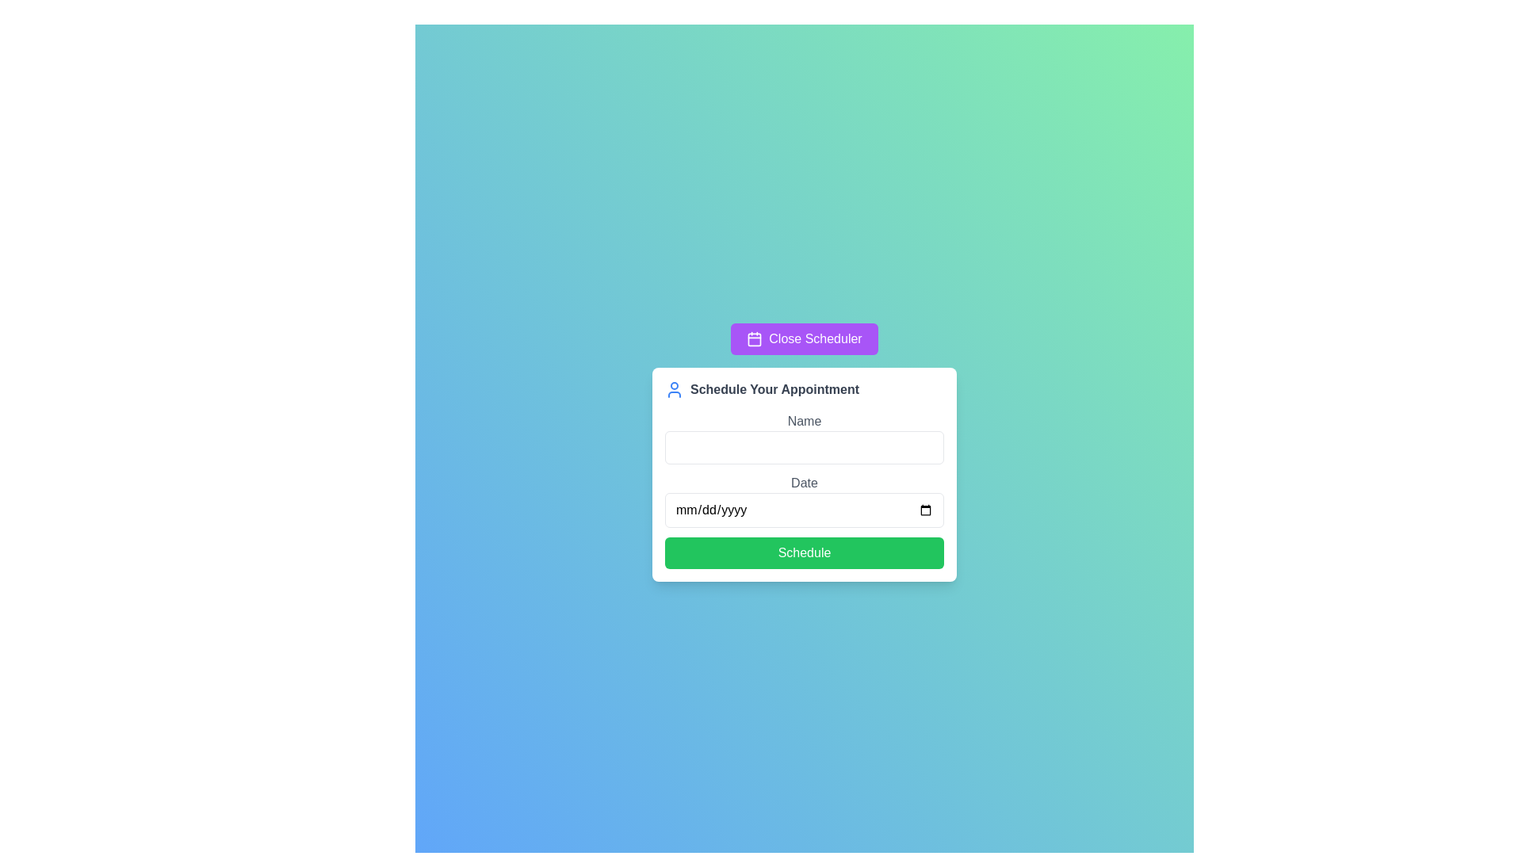 The width and height of the screenshot is (1522, 856). What do you see at coordinates (804, 552) in the screenshot?
I see `the submission button located at the bottom of the form within the modal interface` at bounding box center [804, 552].